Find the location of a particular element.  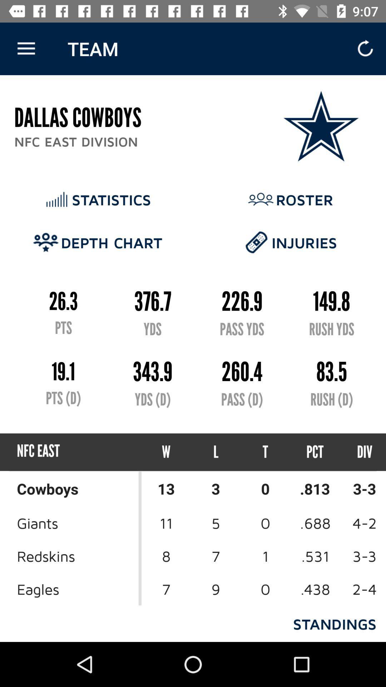

the icon to the right of the pct item is located at coordinates (358, 452).